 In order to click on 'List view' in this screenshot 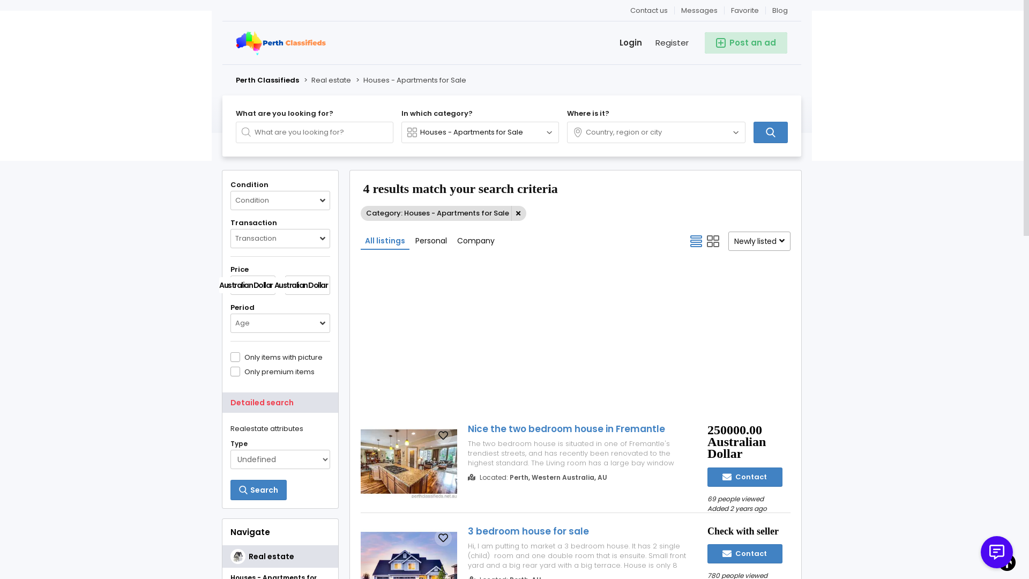, I will do `click(696, 241)`.